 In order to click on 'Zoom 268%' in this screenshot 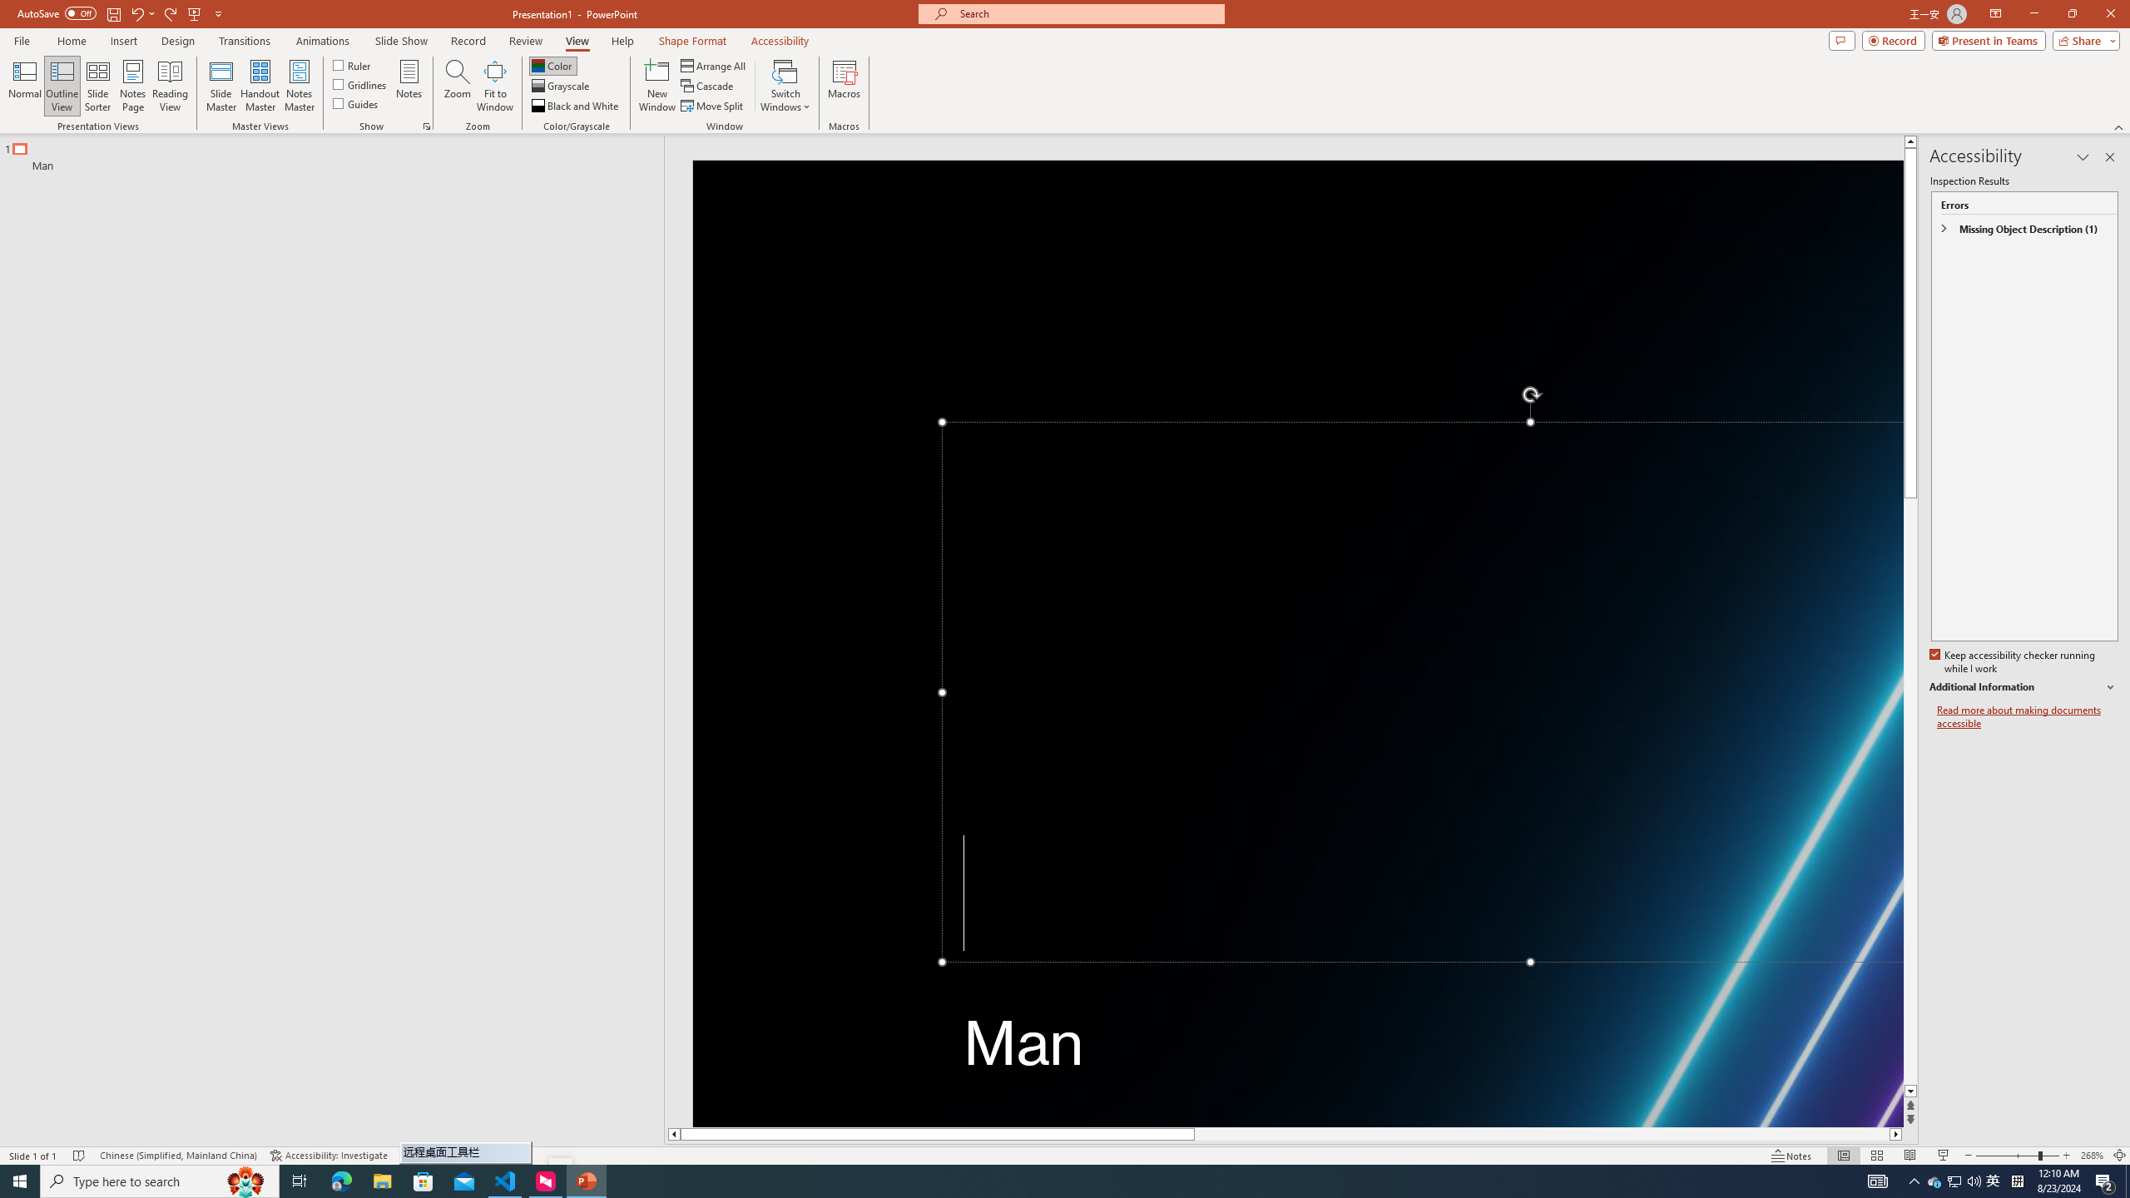, I will do `click(2093, 1156)`.